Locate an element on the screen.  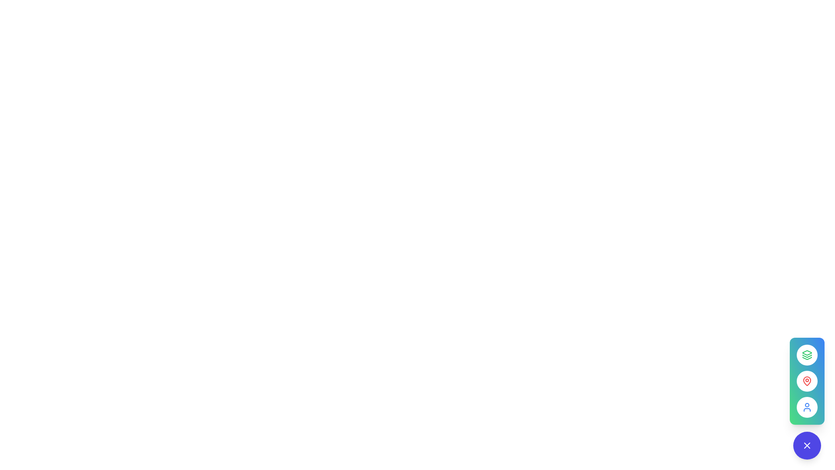
the circular button with a blue person icon in the vertical menu bar is located at coordinates (807, 398).